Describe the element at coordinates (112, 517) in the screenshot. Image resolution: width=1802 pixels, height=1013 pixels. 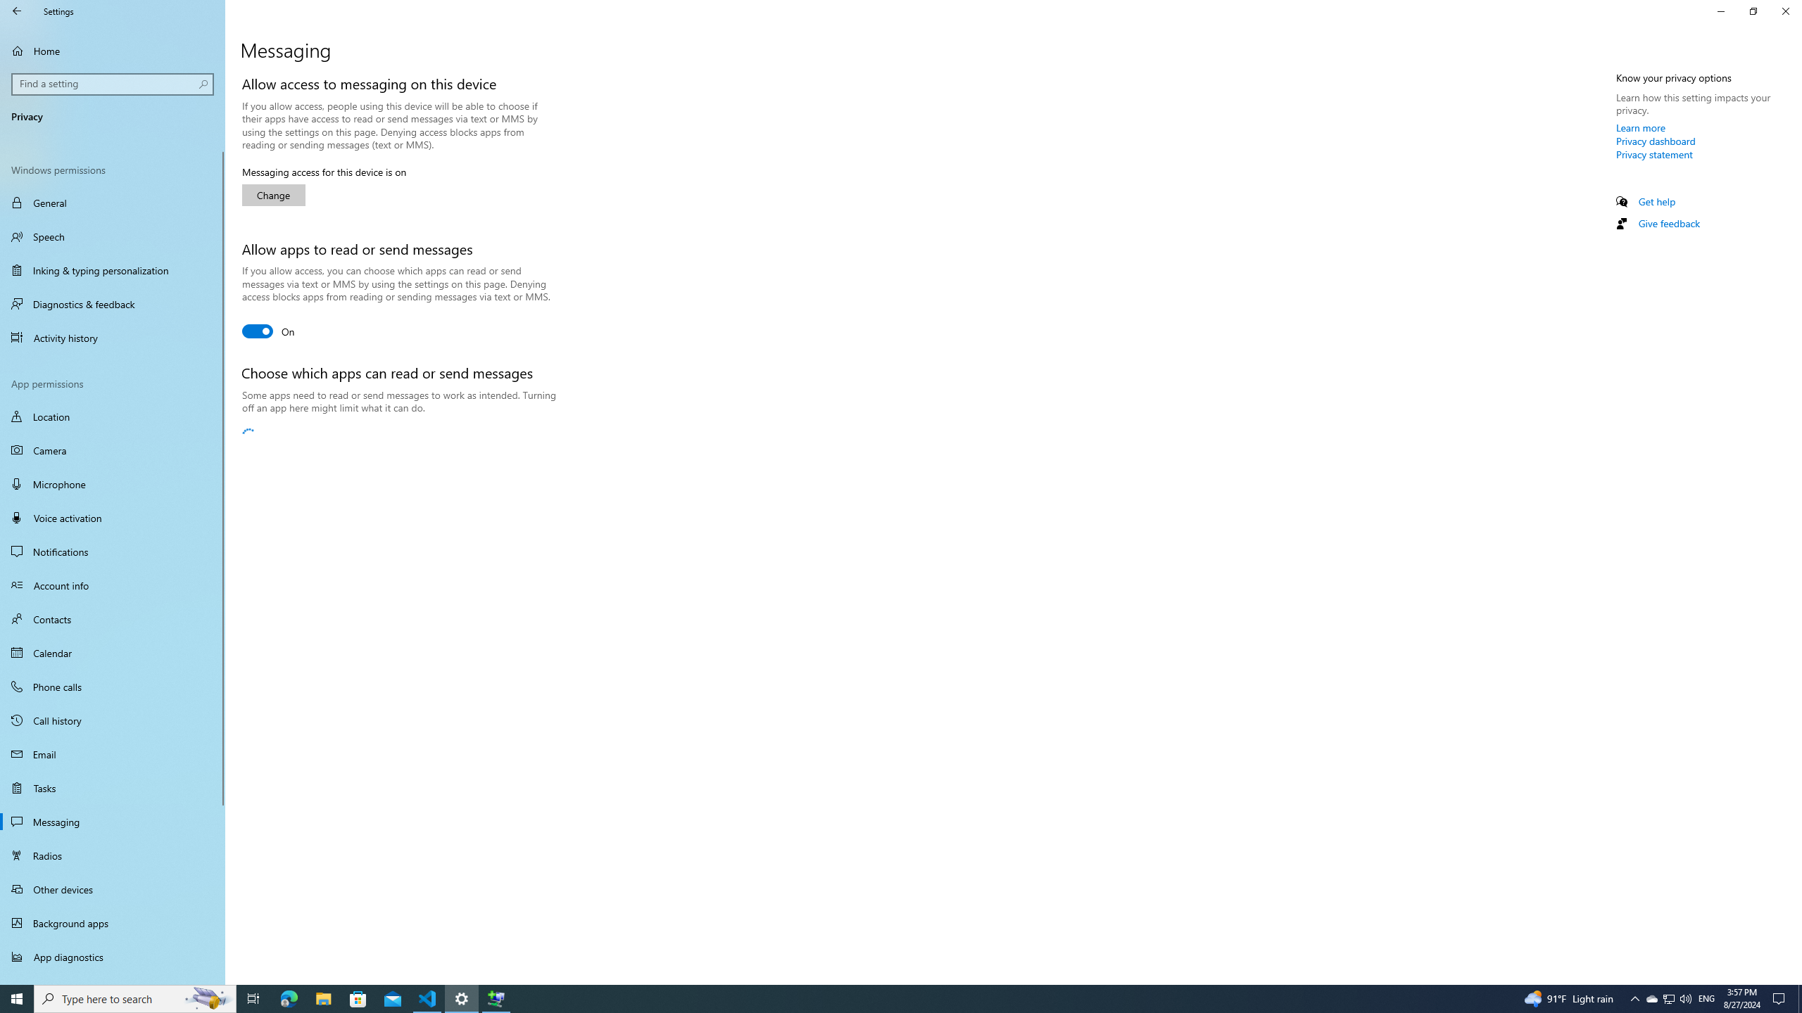
I see `'Voice activation'` at that location.